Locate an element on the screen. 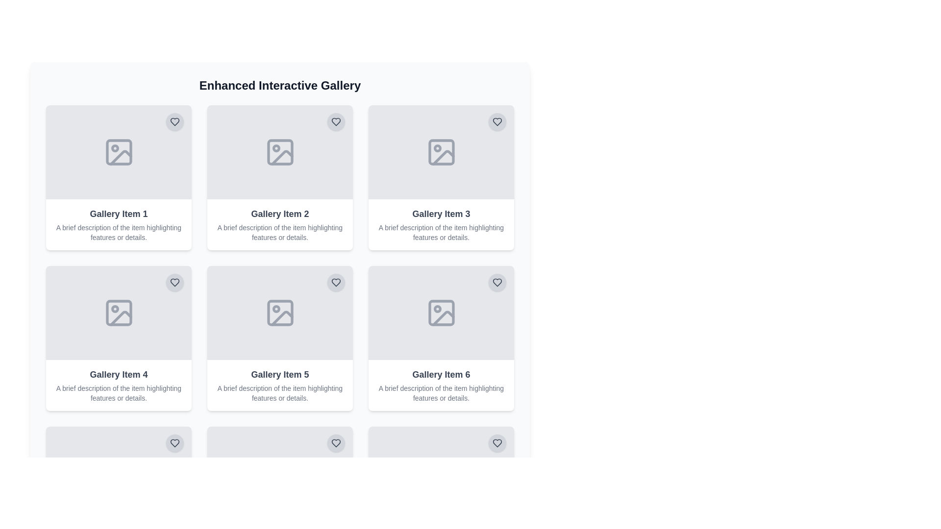 The height and width of the screenshot is (529, 941). the round button with a heart icon located at the top-right corner of 'Gallery Item 3' to like or favorite the item is located at coordinates (497, 121).